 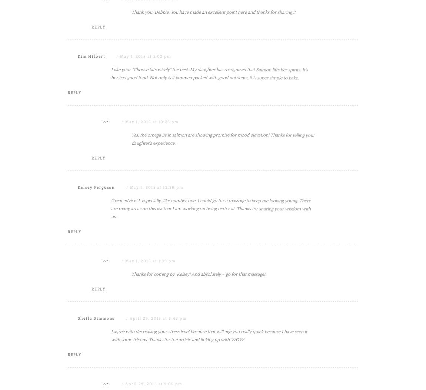 I want to click on 'Great advice! I, especially, like number one. I could go for a massage to keep me looking young. There are many areas on this list that I am working on being better at. Thanks for sharing your wisdom with us.', so click(x=211, y=283).